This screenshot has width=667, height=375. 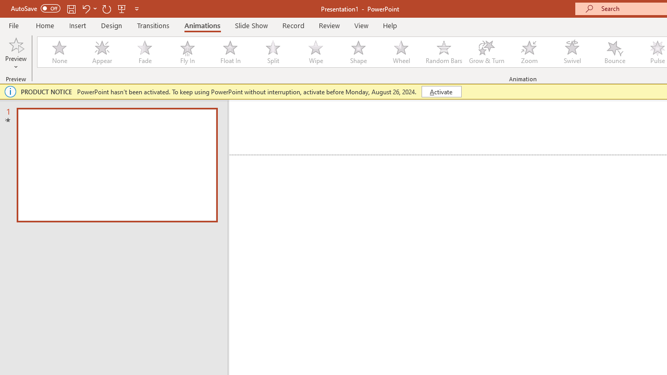 I want to click on 'Appear', so click(x=102, y=52).